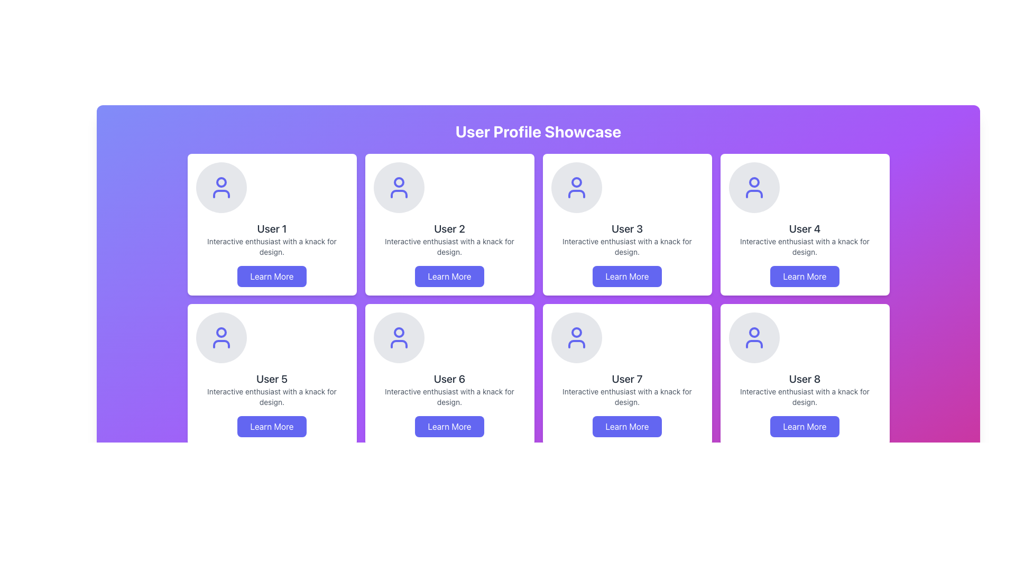  I want to click on the circular decorative icon containing an avatar symbol located in the card labeled 'User 5', which is centrally positioned above the text 'User 5', so click(220, 338).